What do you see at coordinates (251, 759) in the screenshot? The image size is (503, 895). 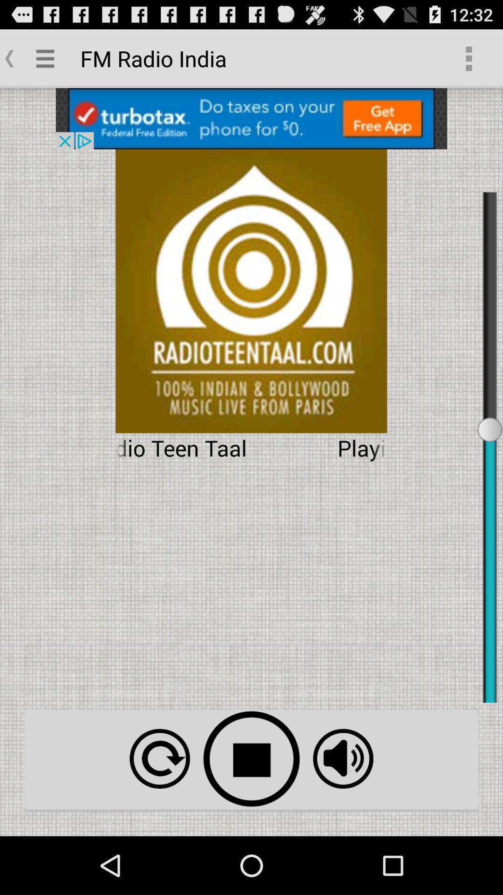 I see `stop option` at bounding box center [251, 759].